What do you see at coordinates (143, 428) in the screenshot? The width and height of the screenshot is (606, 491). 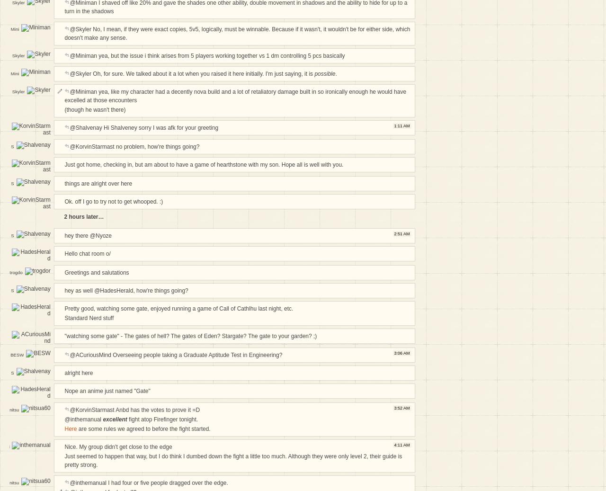 I see `'are some rules we agreed to before the fight started.'` at bounding box center [143, 428].